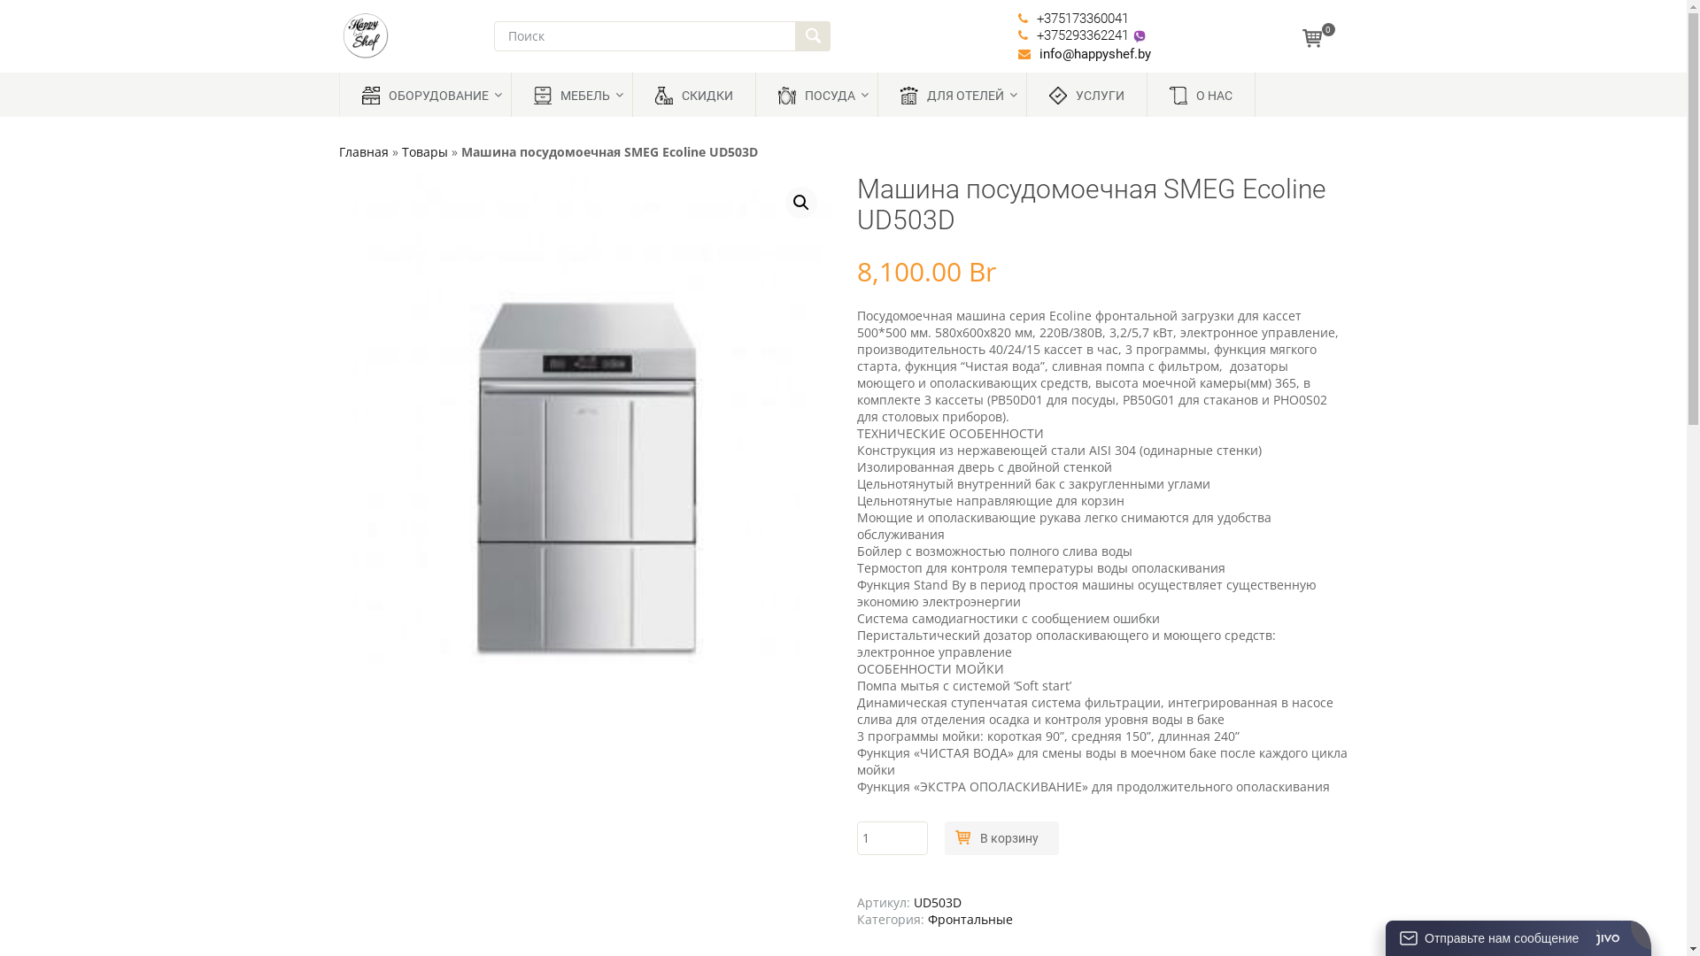 The width and height of the screenshot is (1700, 956). Describe the element at coordinates (378, 78) in the screenshot. I see `'Skip to content'` at that location.